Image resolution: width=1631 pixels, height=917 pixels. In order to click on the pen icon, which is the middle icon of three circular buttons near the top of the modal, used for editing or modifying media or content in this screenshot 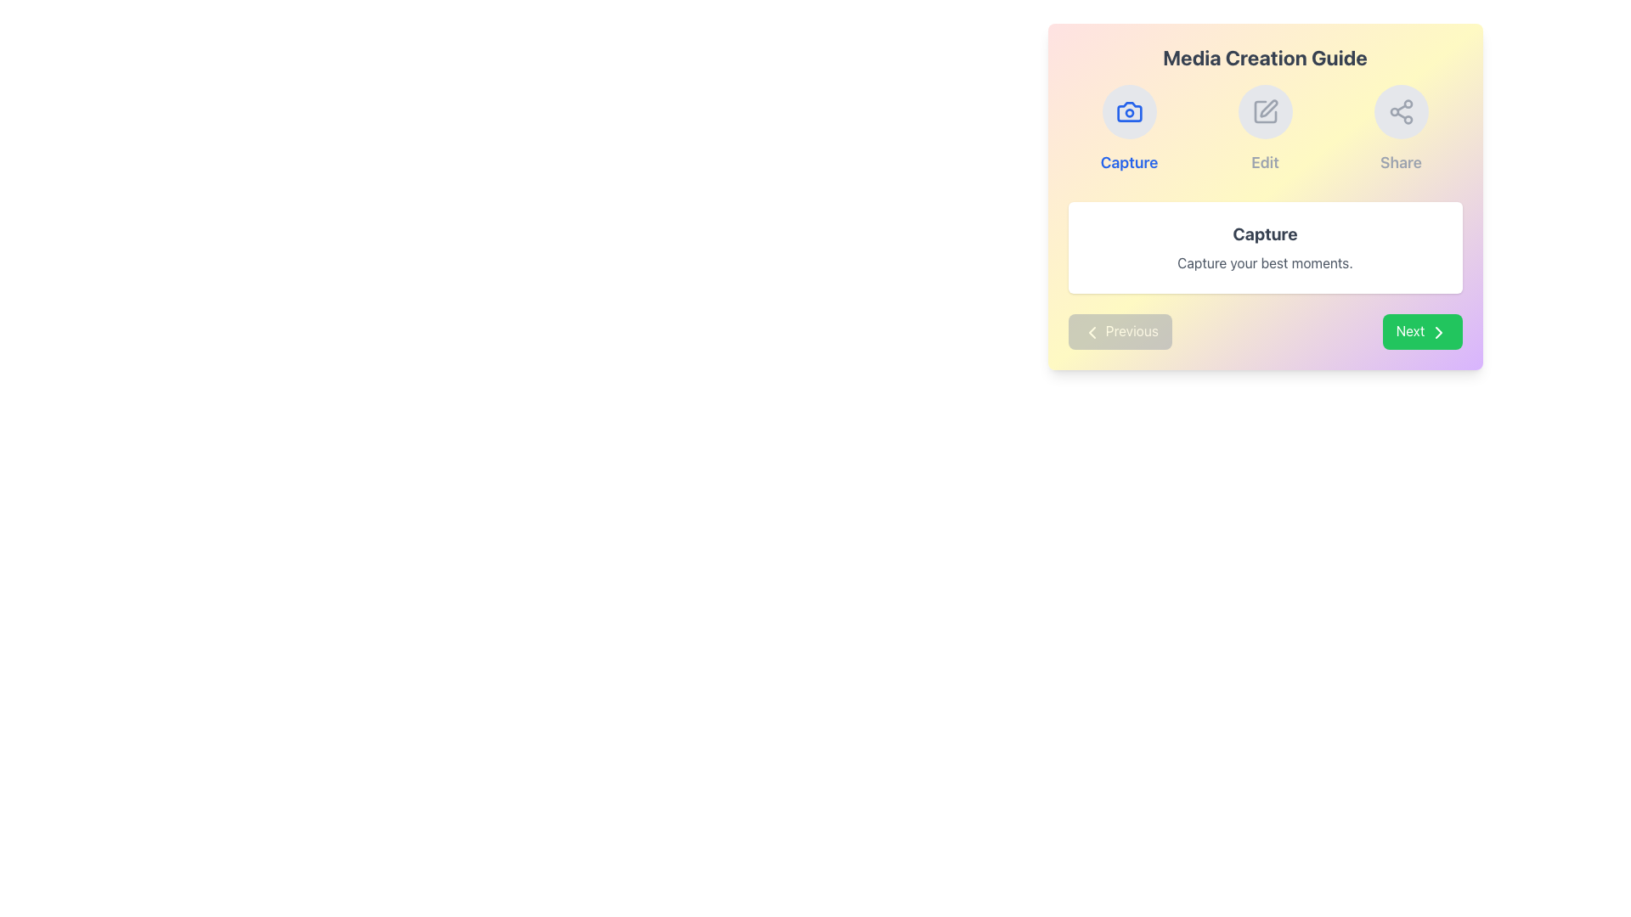, I will do `click(1268, 108)`.